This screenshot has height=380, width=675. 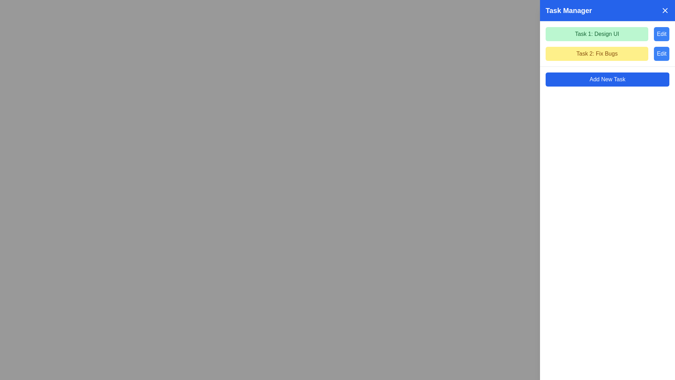 I want to click on the Static text label that serves as the title of the Task Manager section, positioned at the top-left region of the blue background, so click(x=568, y=11).